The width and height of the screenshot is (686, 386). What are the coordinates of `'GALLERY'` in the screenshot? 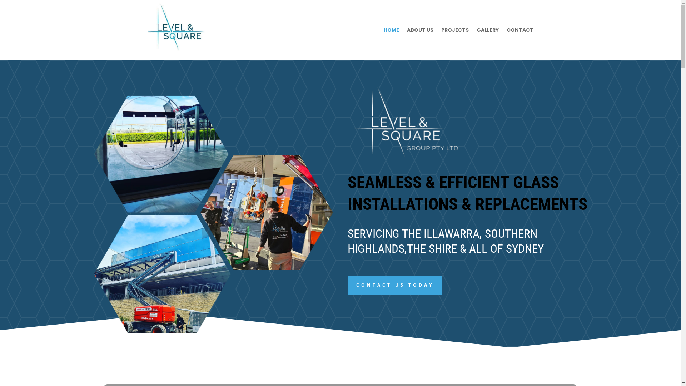 It's located at (477, 30).